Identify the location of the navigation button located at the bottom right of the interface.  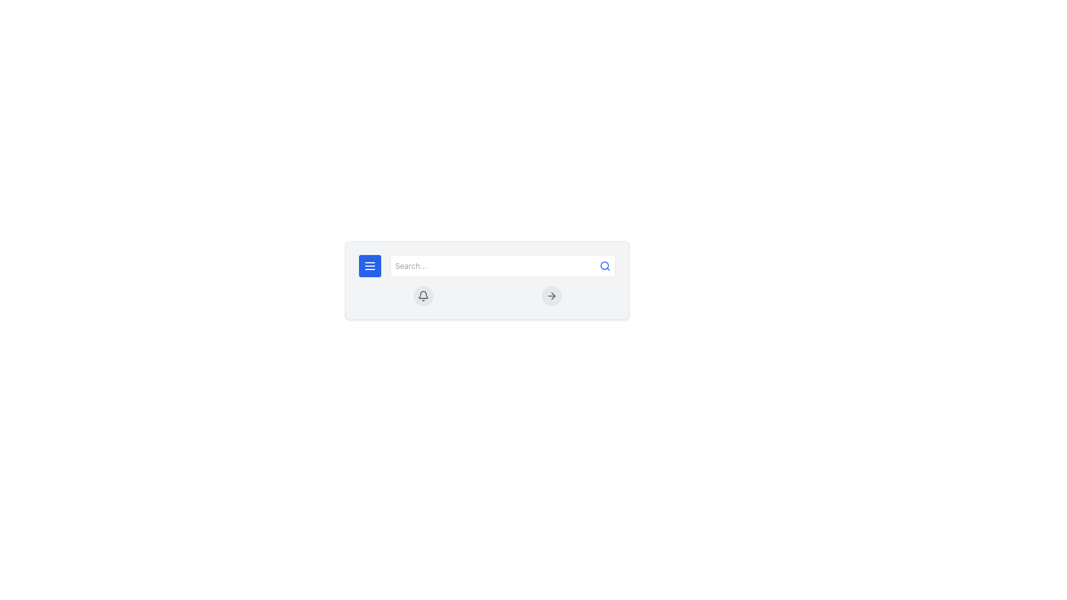
(551, 295).